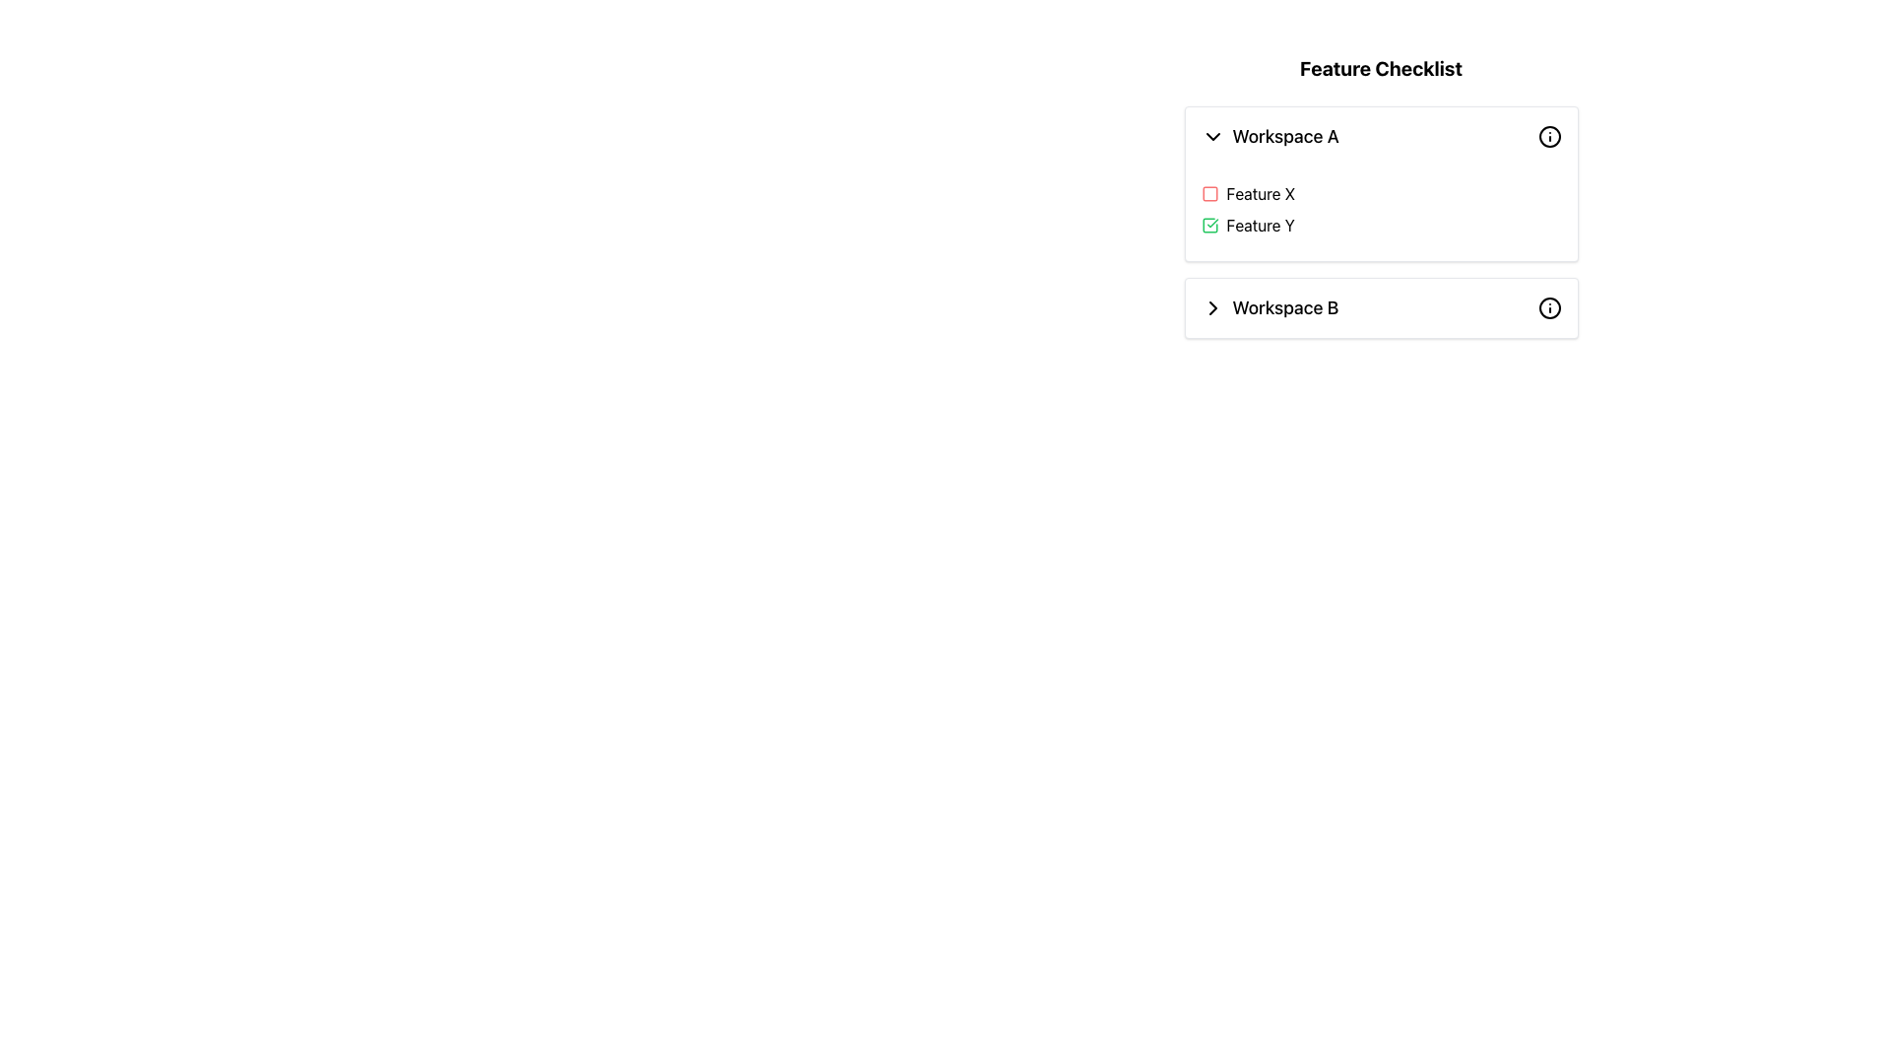 This screenshot has height=1064, width=1891. I want to click on the 'checked' state icon for 'Feature Y' in the 'Feature Checklist' of 'Workspace A', so click(1208, 224).